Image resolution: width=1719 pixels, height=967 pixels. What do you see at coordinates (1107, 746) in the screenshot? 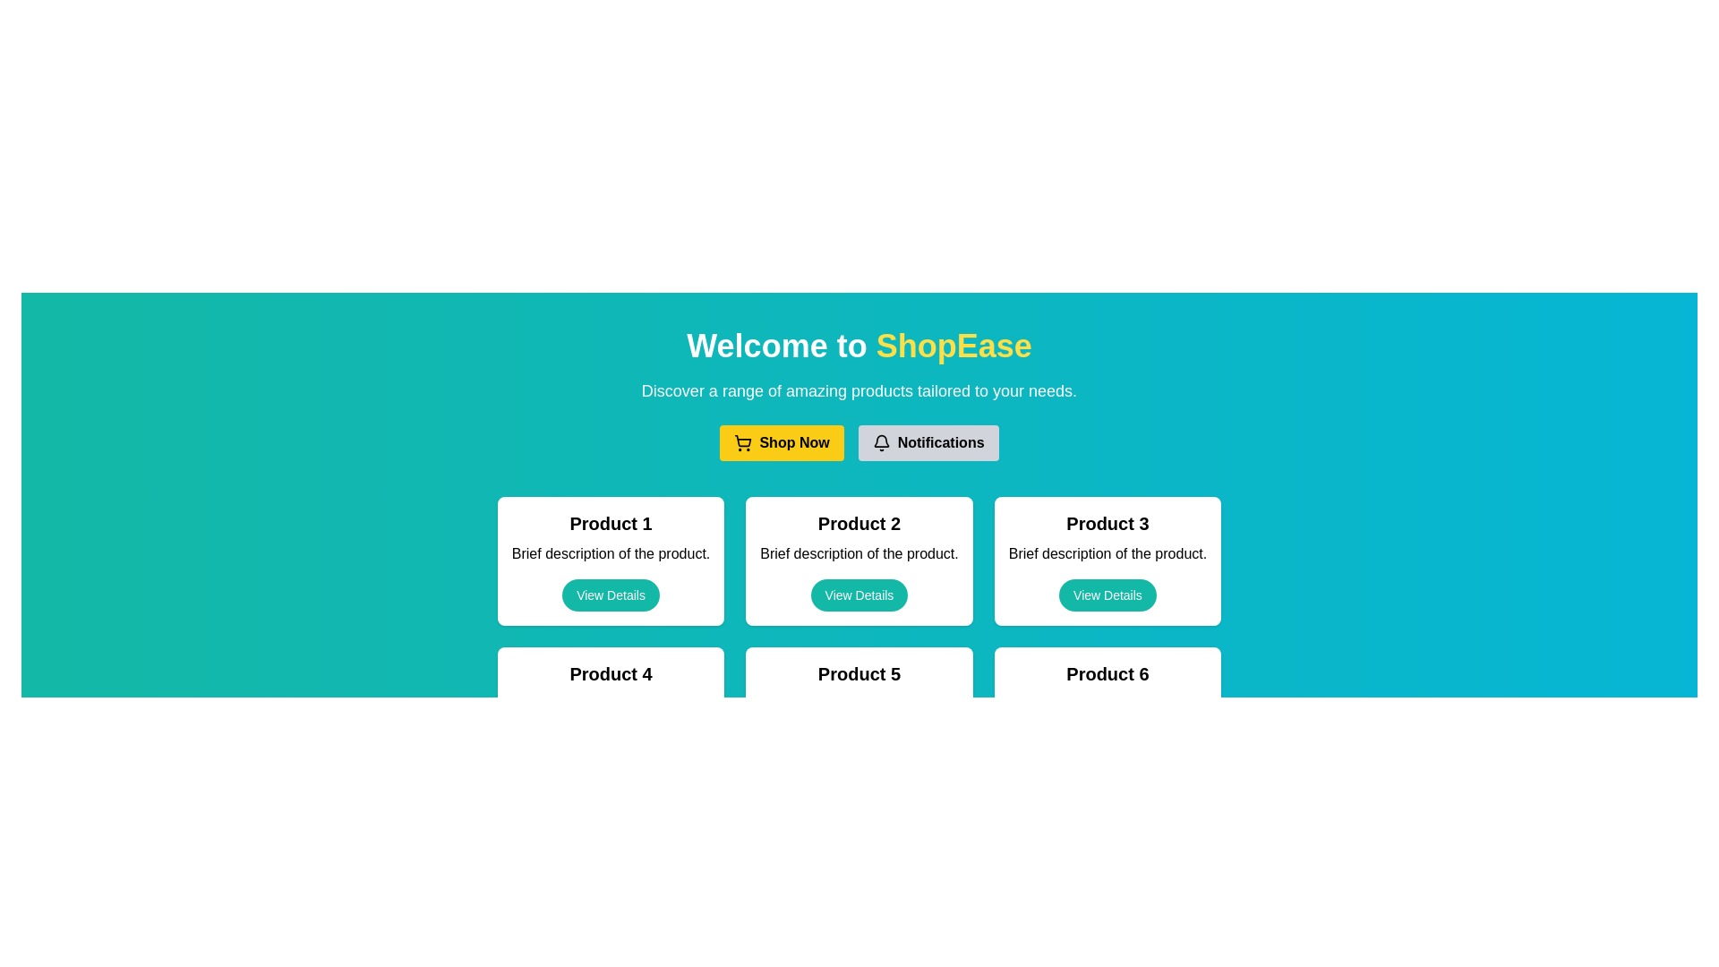
I see `the 'View Details' button with a teal background located at the bottom of the 'Product 6' card` at bounding box center [1107, 746].